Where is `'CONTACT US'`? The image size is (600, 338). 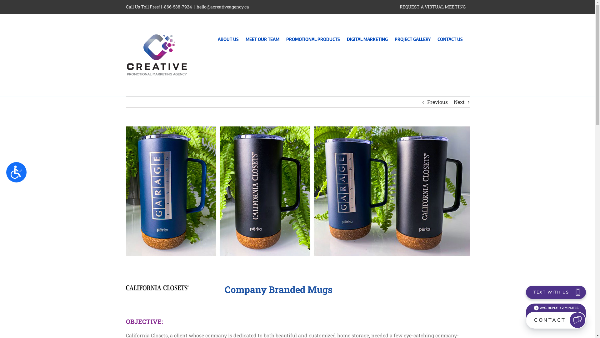
'CONTACT US' is located at coordinates (450, 37).